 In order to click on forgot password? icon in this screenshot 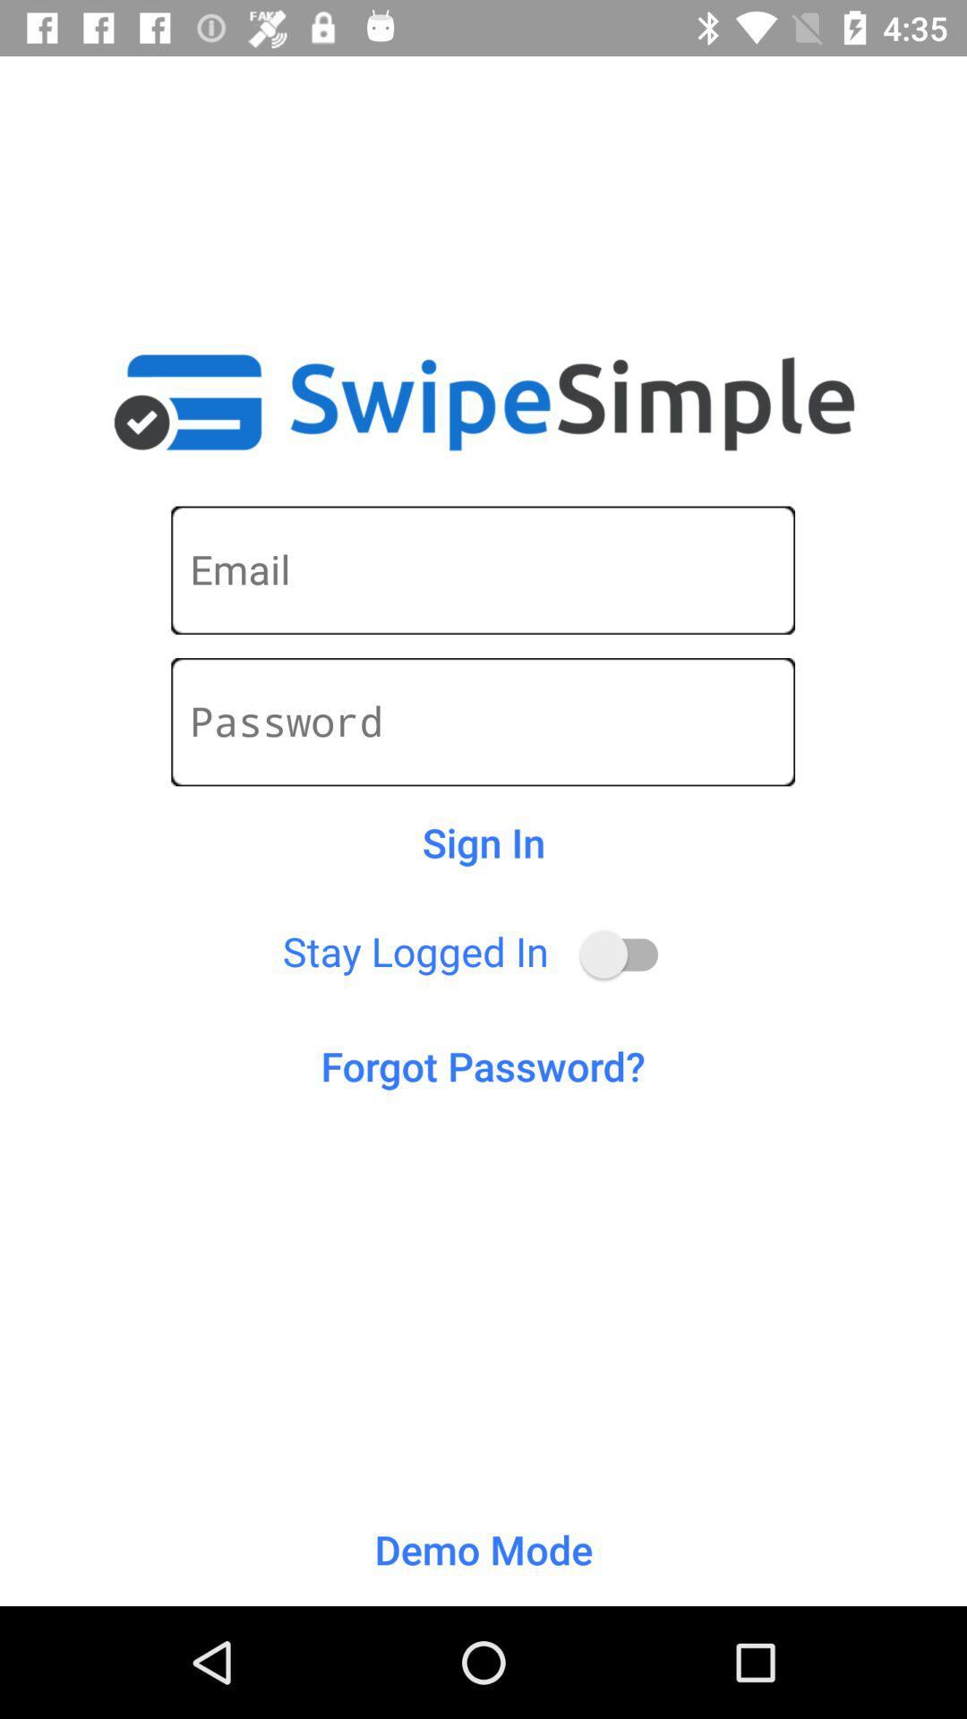, I will do `click(482, 1065)`.